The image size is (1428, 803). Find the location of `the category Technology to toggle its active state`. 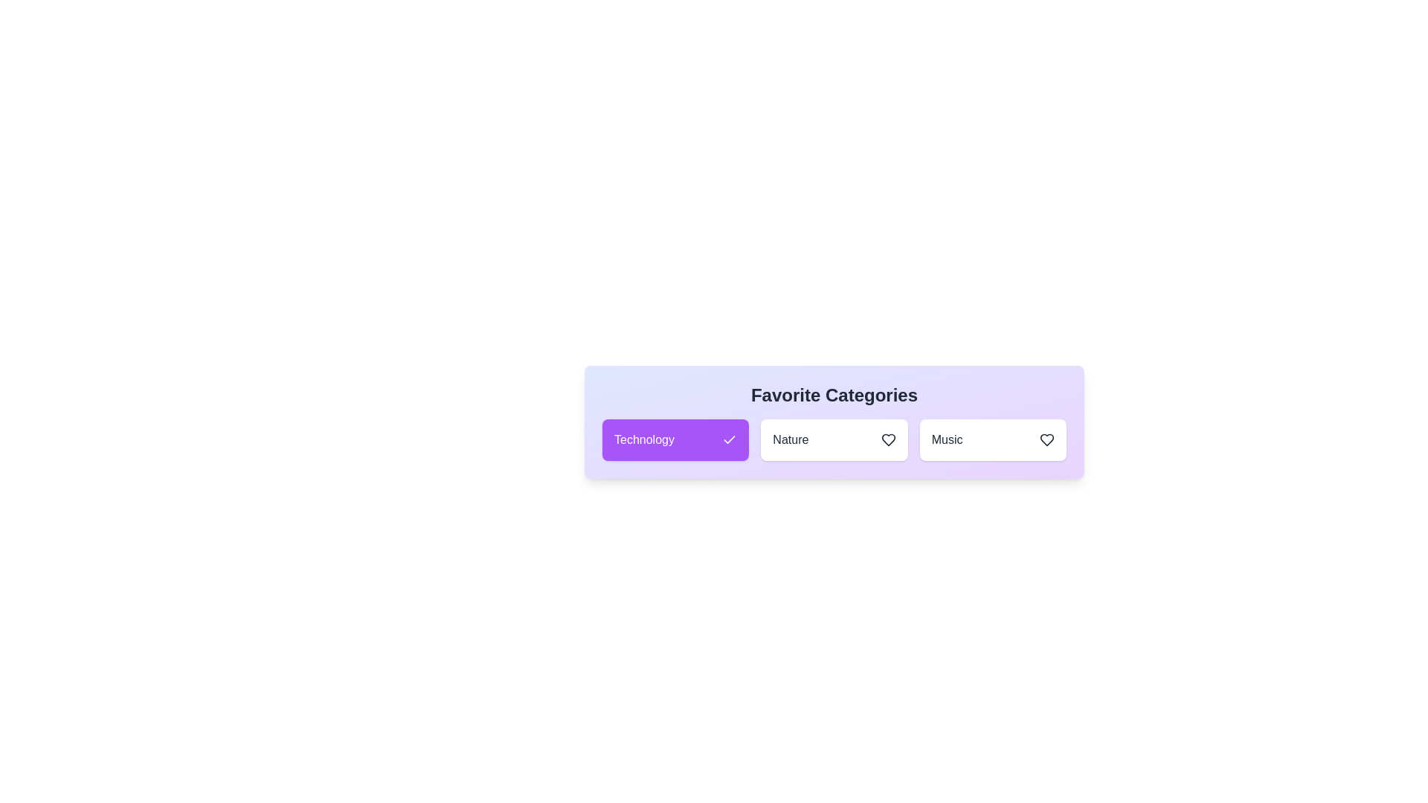

the category Technology to toggle its active state is located at coordinates (674, 439).